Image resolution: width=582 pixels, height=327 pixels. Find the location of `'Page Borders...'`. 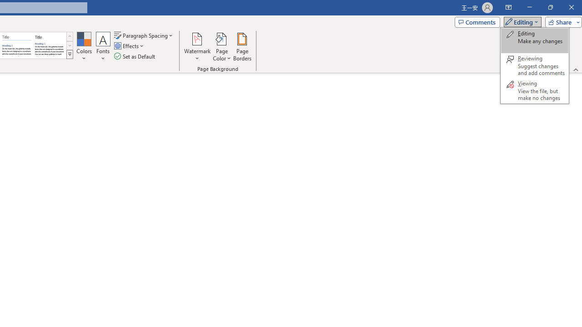

'Page Borders...' is located at coordinates (242, 47).